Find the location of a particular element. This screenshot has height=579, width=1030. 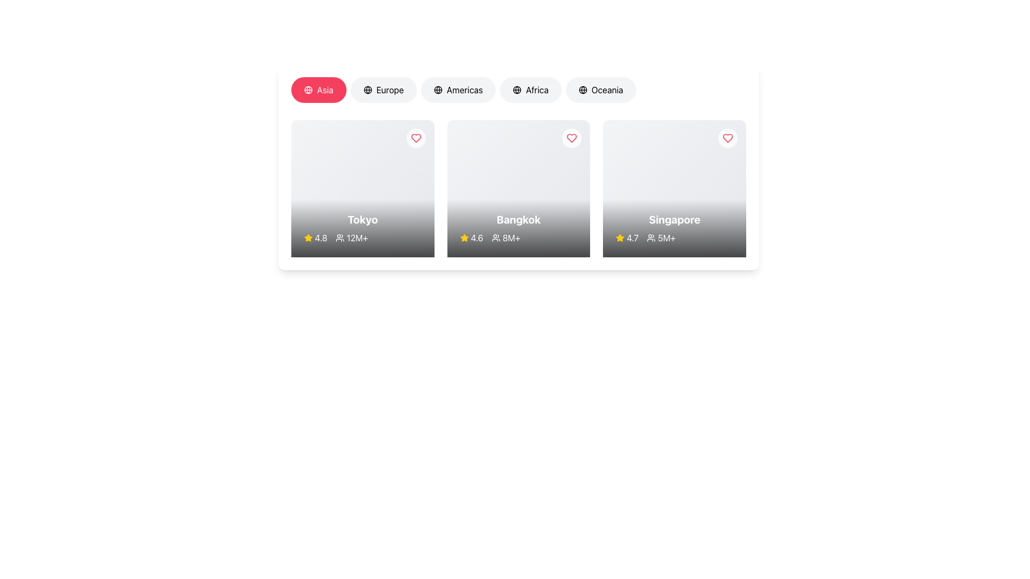

the 'Oceania' button, which is a rounded rectangle with a light gray background and a globe icon on the left is located at coordinates (601, 90).